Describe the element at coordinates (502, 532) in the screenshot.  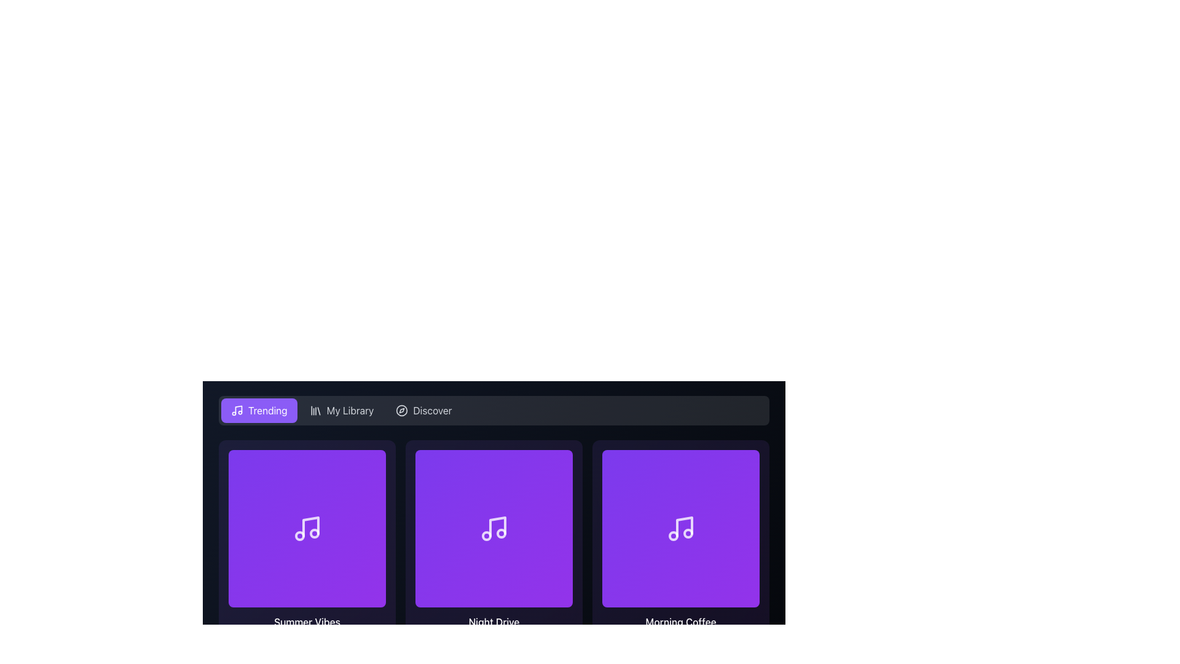
I see `the rightmost circular component within the music note icon located at the center of the 'Night Drive' purple tile` at that location.